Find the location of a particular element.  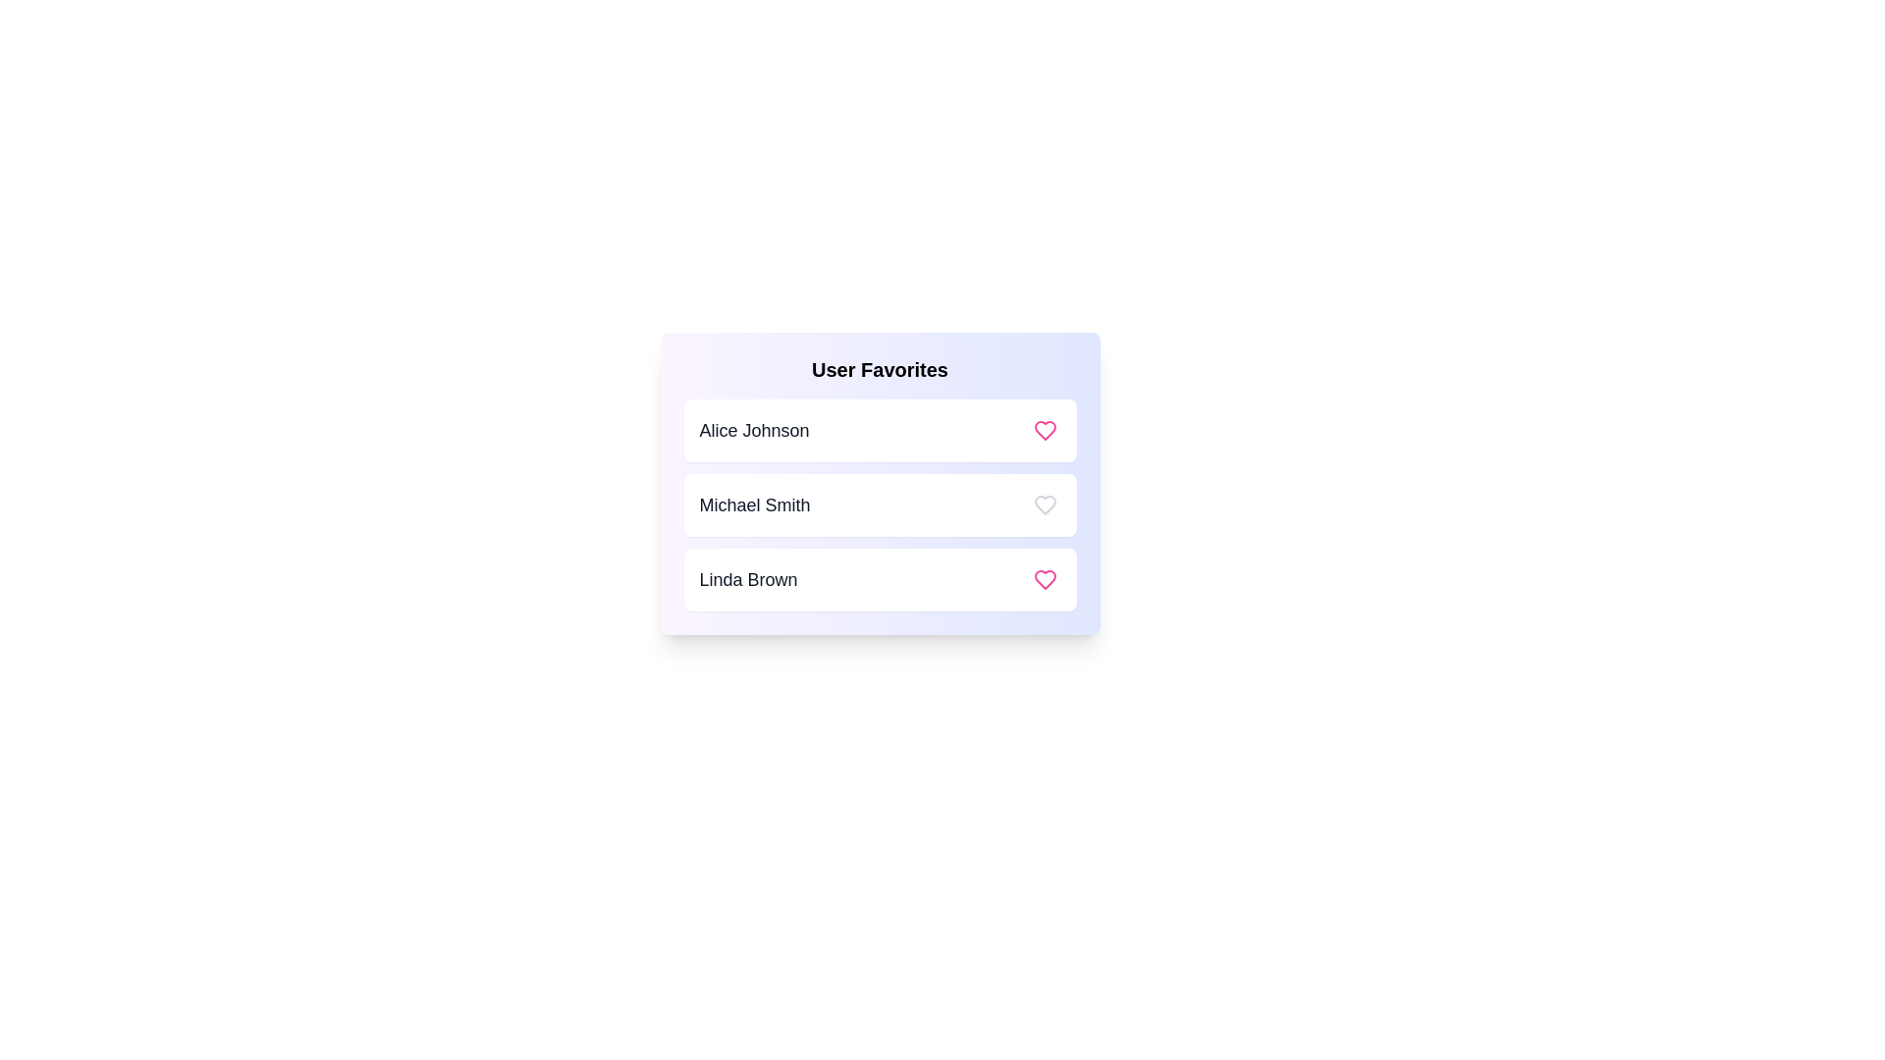

the list item with the name Alice Johnson is located at coordinates (879, 430).